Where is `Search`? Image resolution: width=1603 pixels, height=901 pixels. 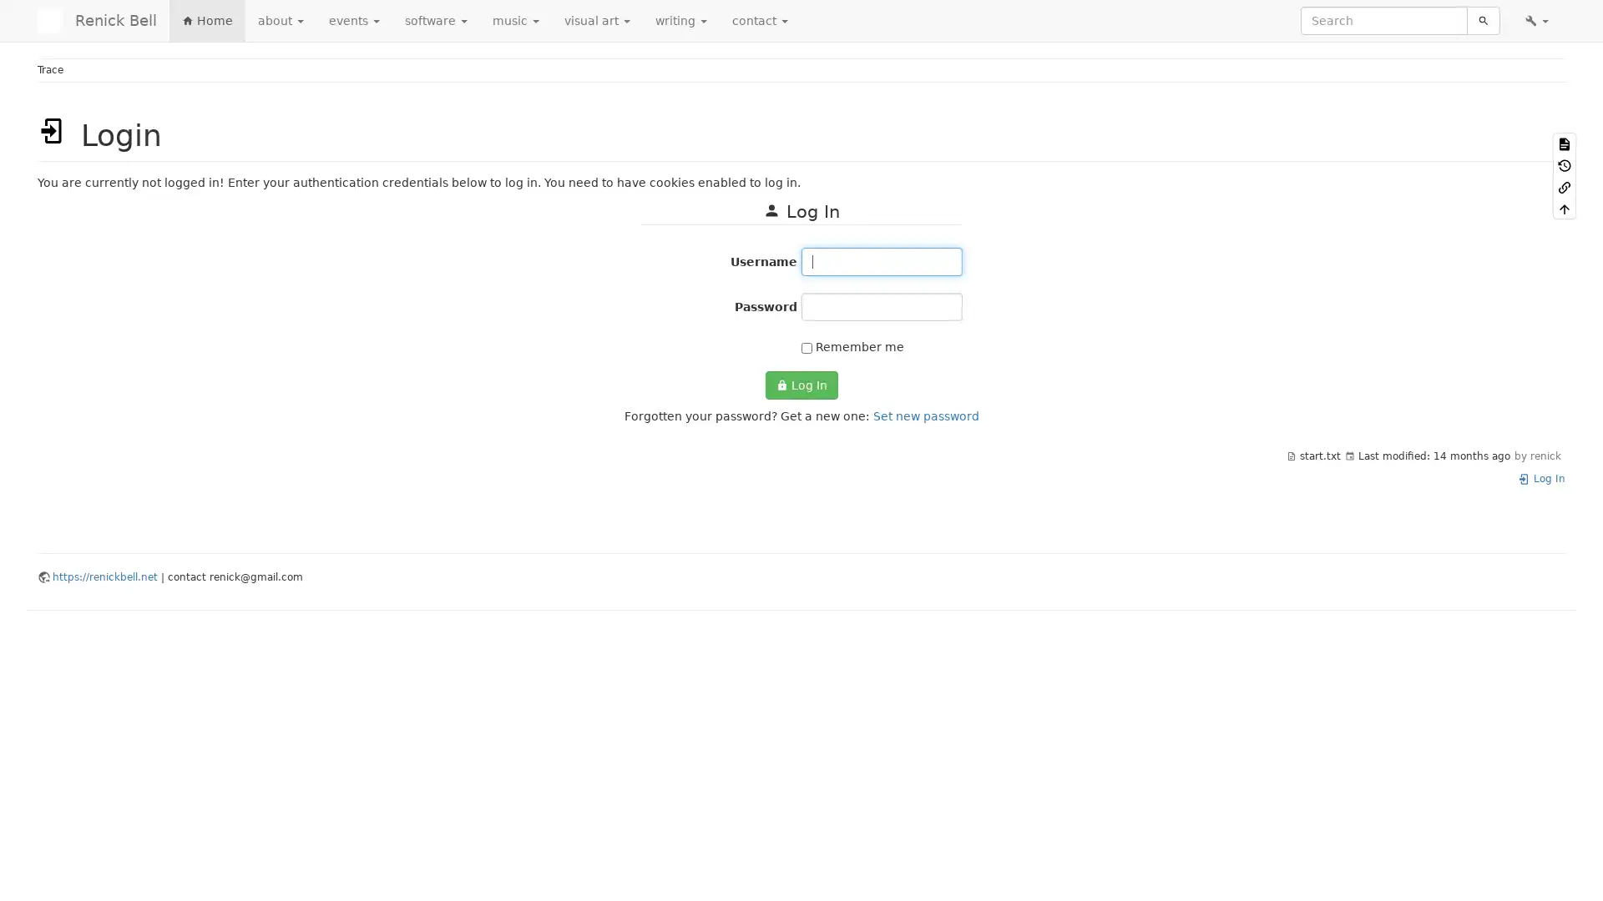 Search is located at coordinates (1483, 20).